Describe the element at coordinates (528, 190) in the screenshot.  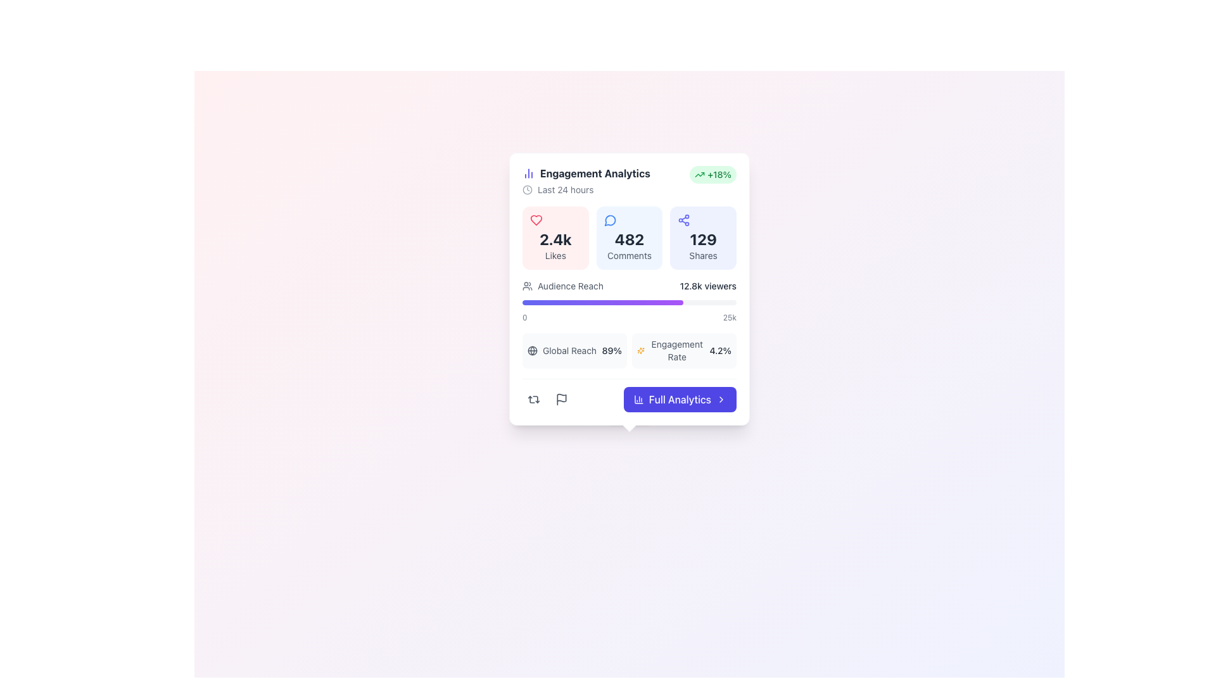
I see `the circular outline within the clock icon located in the top-left corner of the card box labeled 'Engagement Analytics', next to the text 'Last 24 hours'` at that location.